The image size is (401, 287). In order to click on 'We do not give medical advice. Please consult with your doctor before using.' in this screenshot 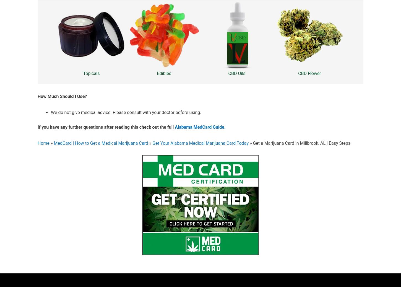, I will do `click(126, 112)`.